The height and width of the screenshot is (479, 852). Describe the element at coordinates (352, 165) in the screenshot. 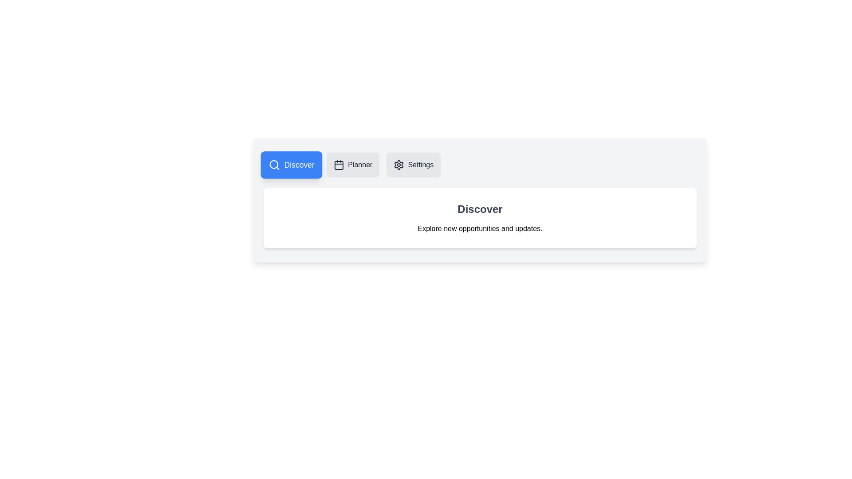

I see `the tab labeled Planner to view its content` at that location.